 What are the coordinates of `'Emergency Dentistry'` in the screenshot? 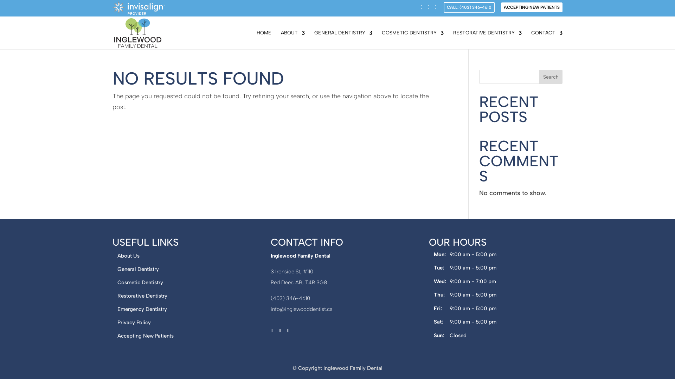 It's located at (142, 308).